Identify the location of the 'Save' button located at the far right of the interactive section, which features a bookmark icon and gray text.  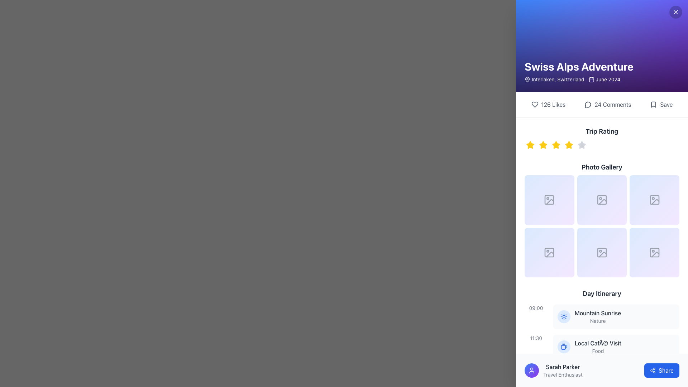
(661, 105).